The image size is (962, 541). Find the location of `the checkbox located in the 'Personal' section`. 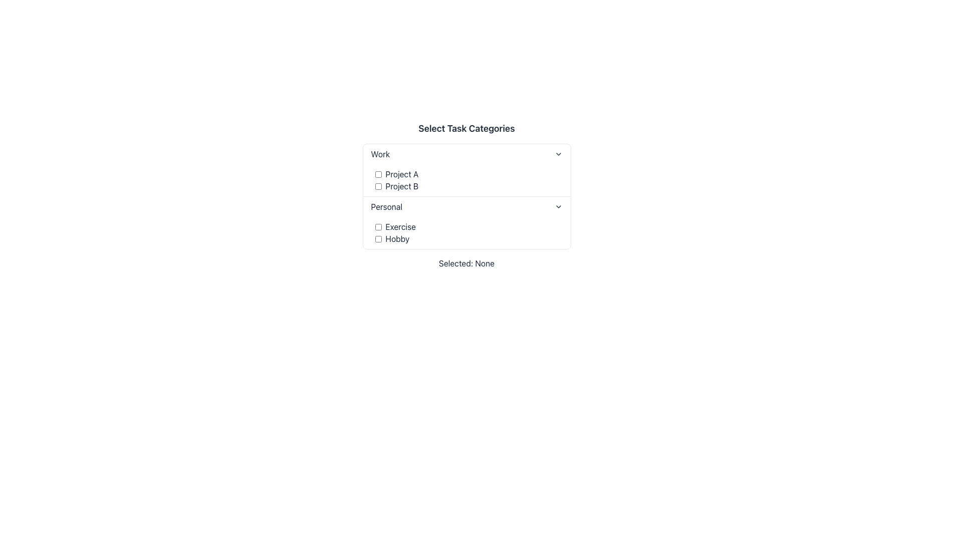

the checkbox located in the 'Personal' section is located at coordinates (377, 239).